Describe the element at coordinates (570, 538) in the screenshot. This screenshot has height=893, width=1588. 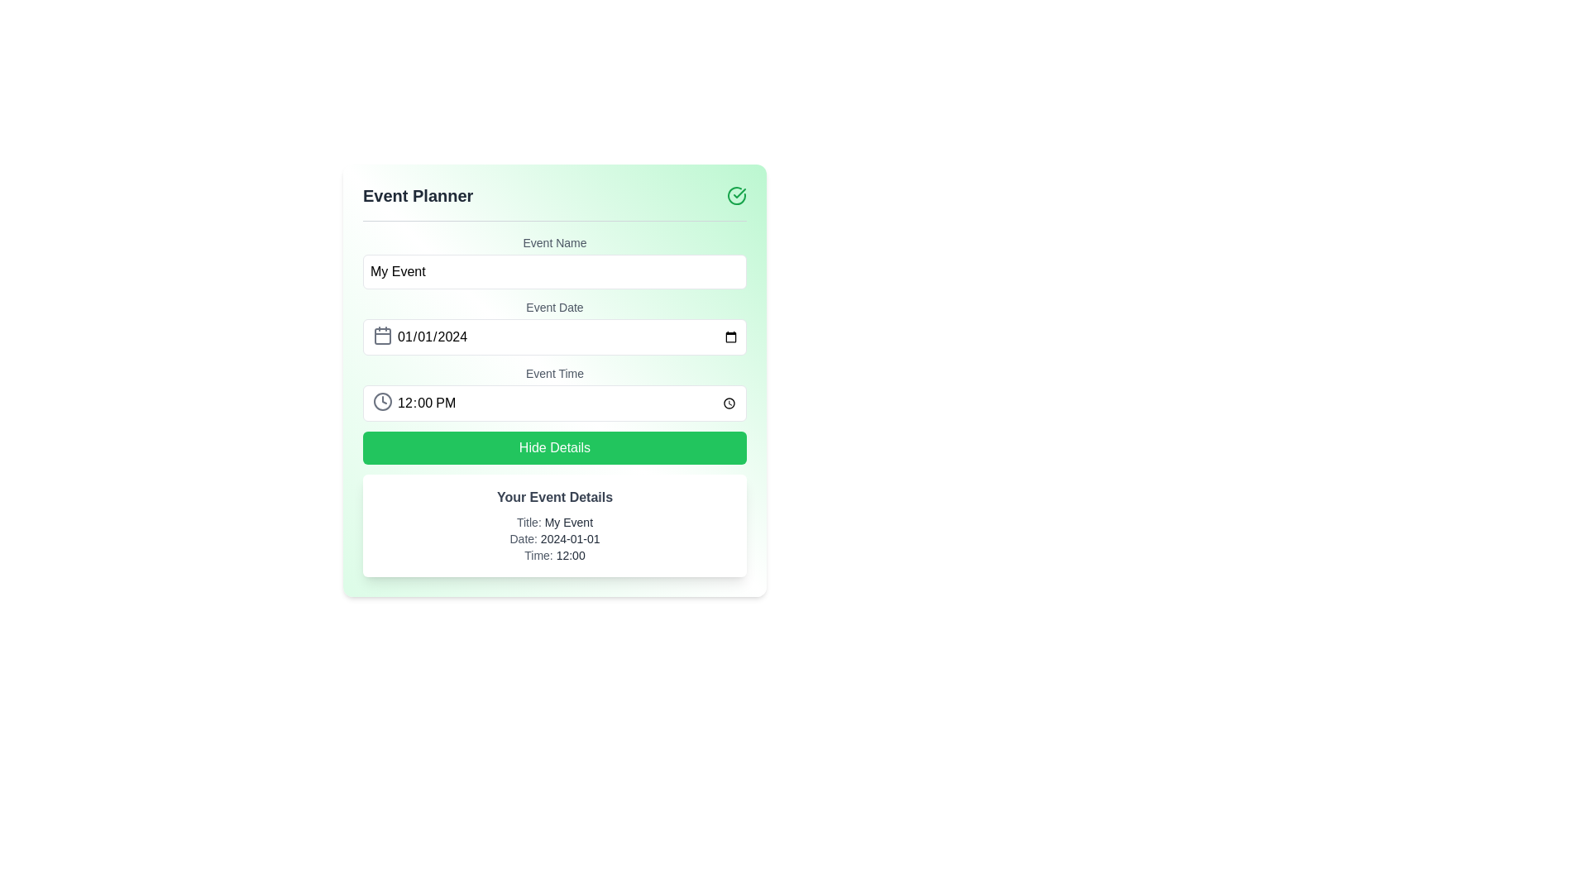
I see `the static text element displaying the date '2024-01-01' located in the 'Your Event Details' section, following the label 'Date:'` at that location.